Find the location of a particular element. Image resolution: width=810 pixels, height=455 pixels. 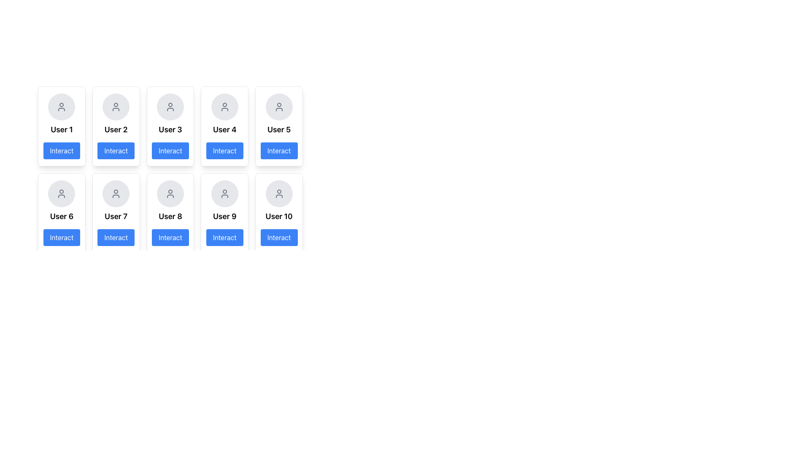

the text label identifying the user as 'User 5', which is positioned centrally in the top row, fifth column of the grid, above the 'Interact' button and below the user avatar is located at coordinates (279, 130).